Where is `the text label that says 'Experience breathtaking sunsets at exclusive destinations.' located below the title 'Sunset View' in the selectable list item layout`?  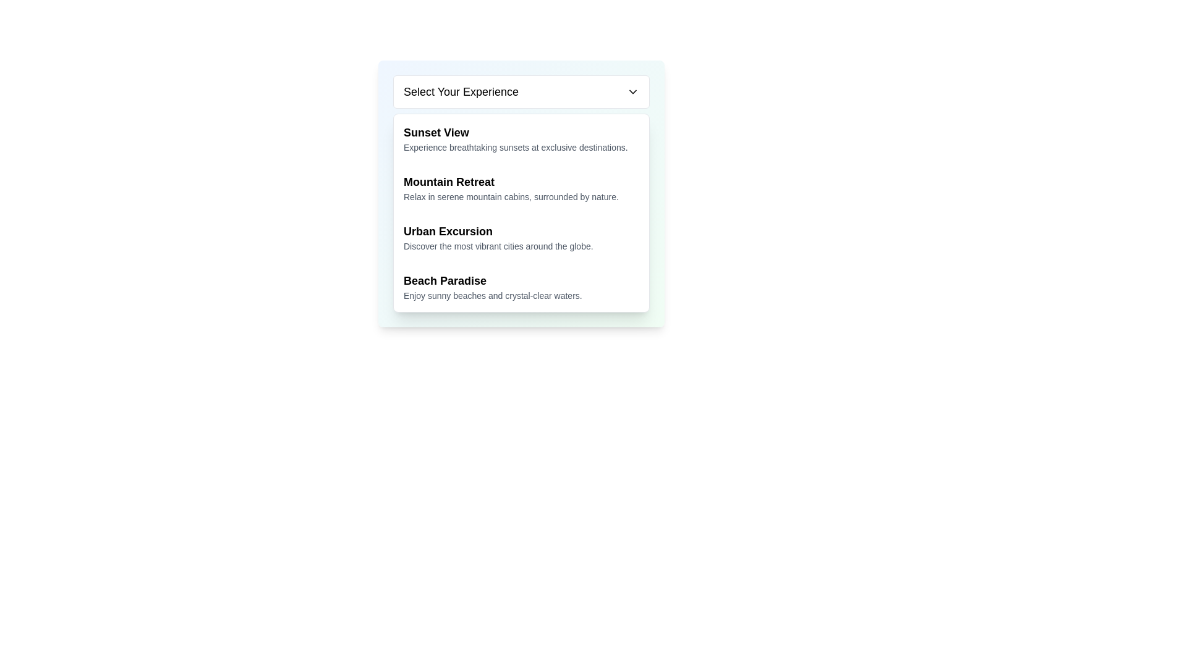 the text label that says 'Experience breathtaking sunsets at exclusive destinations.' located below the title 'Sunset View' in the selectable list item layout is located at coordinates (521, 147).